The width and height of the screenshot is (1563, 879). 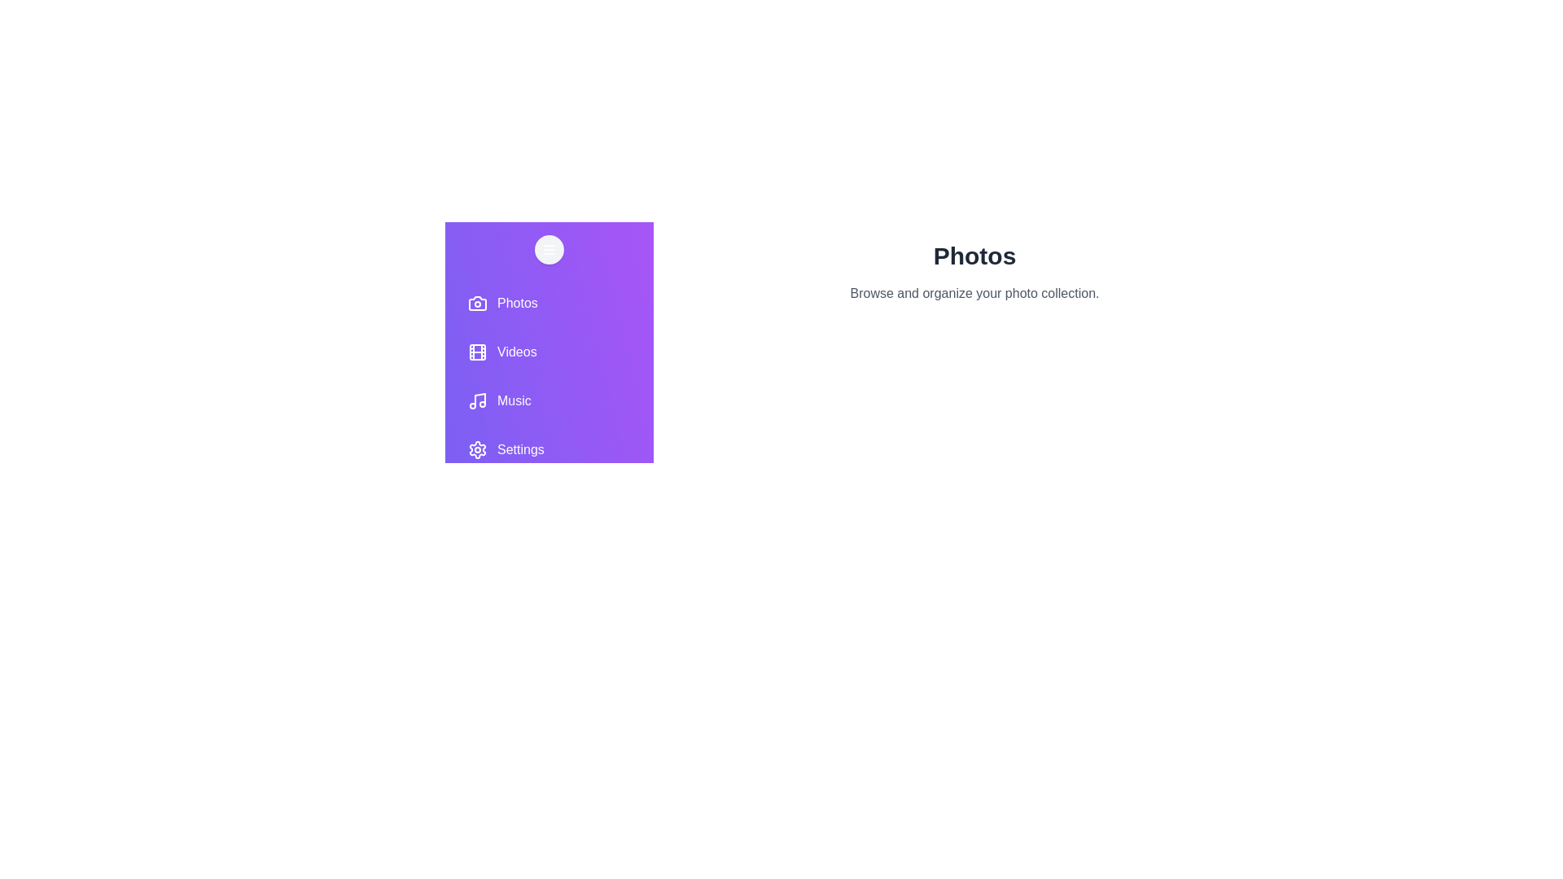 What do you see at coordinates (549, 401) in the screenshot?
I see `the Music tab to view its contents` at bounding box center [549, 401].